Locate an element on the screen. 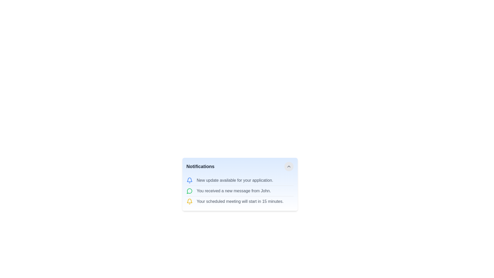 The image size is (494, 278). the circular green speech bubble icon in the second notification item is located at coordinates (189, 191).